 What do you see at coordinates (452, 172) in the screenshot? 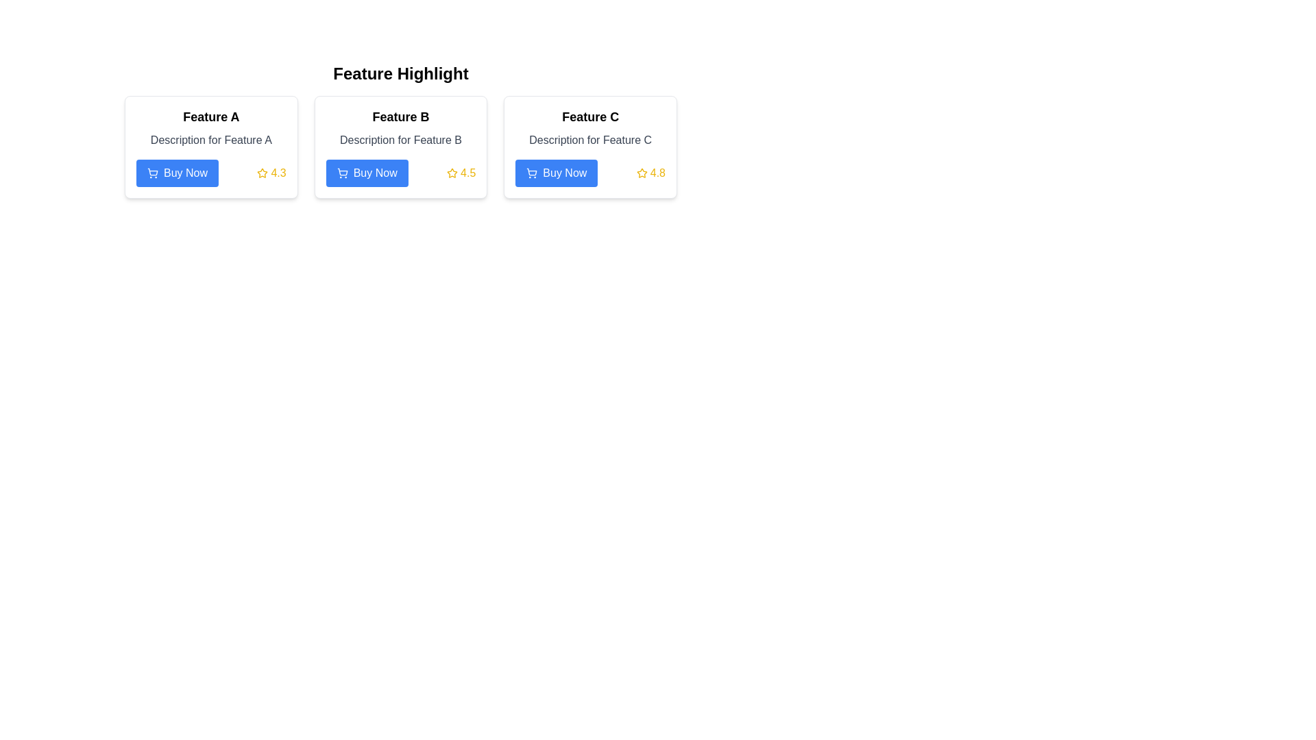
I see `the graphical golden star icon located in the 'Feature C' section, adjacent to the 'Buy Now' button` at bounding box center [452, 172].